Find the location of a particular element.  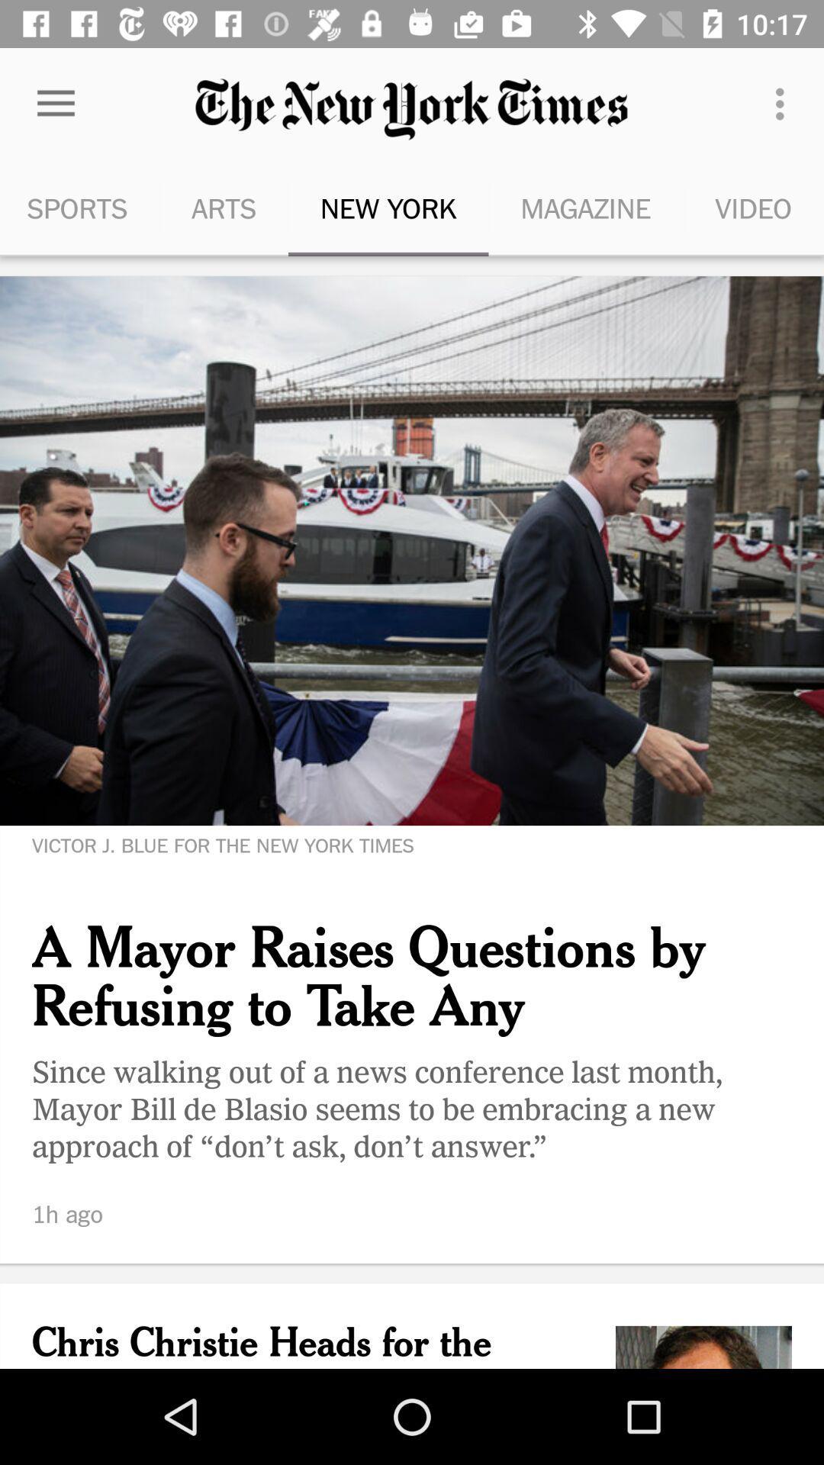

item next to magazine icon is located at coordinates (784, 103).